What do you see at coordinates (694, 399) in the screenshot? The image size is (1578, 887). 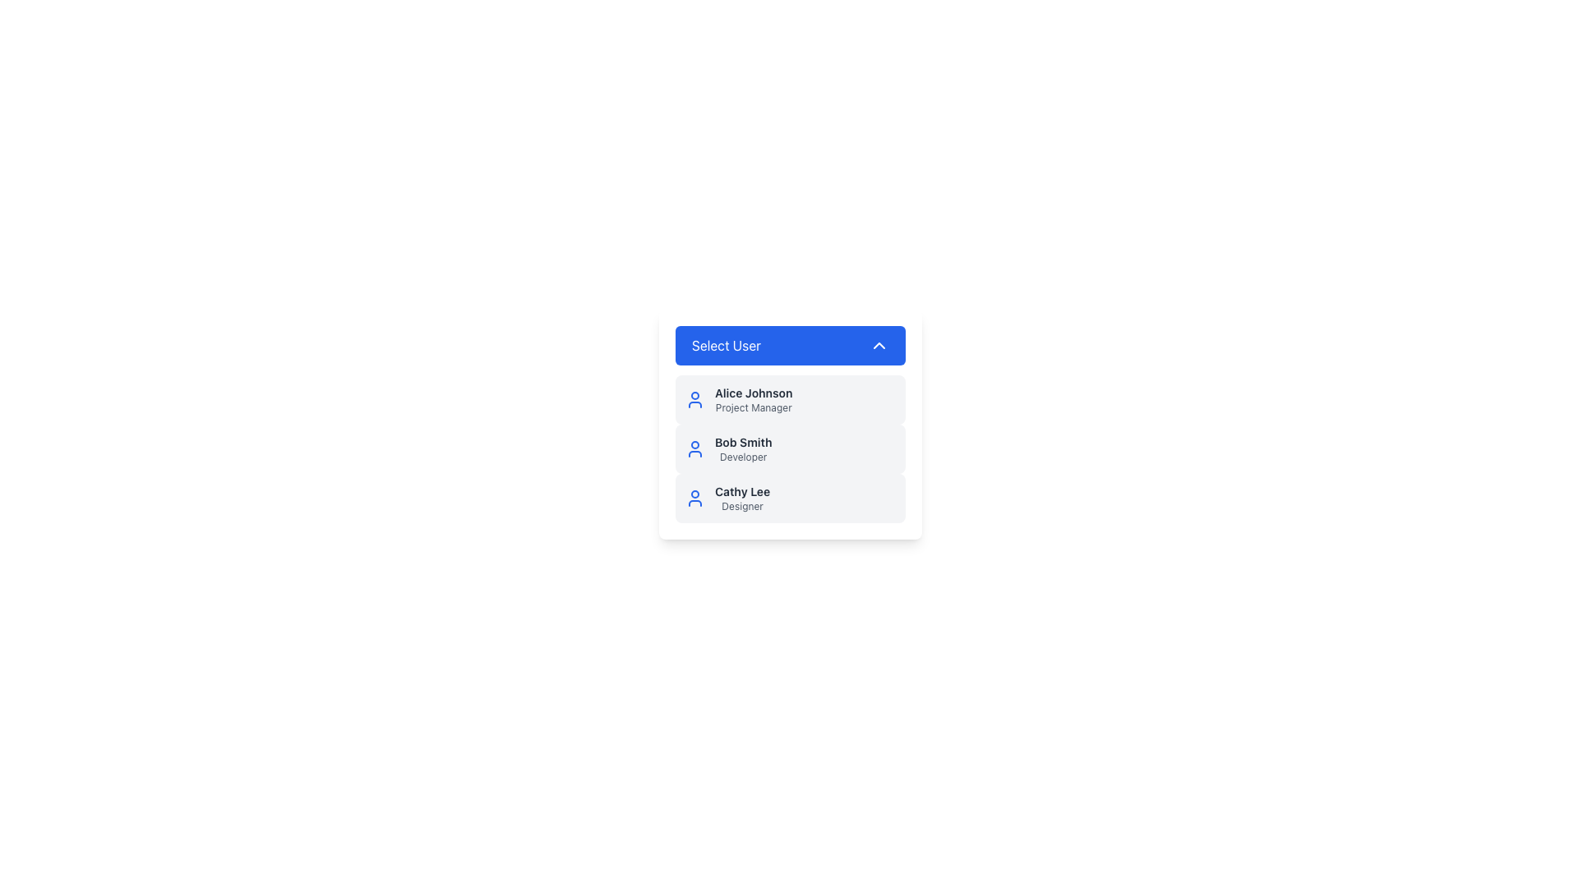 I see `the user indicator icon representing 'Alice Johnson' in the dropdown menu, located left of the text 'Alice Johnson Project Manager'` at bounding box center [694, 399].